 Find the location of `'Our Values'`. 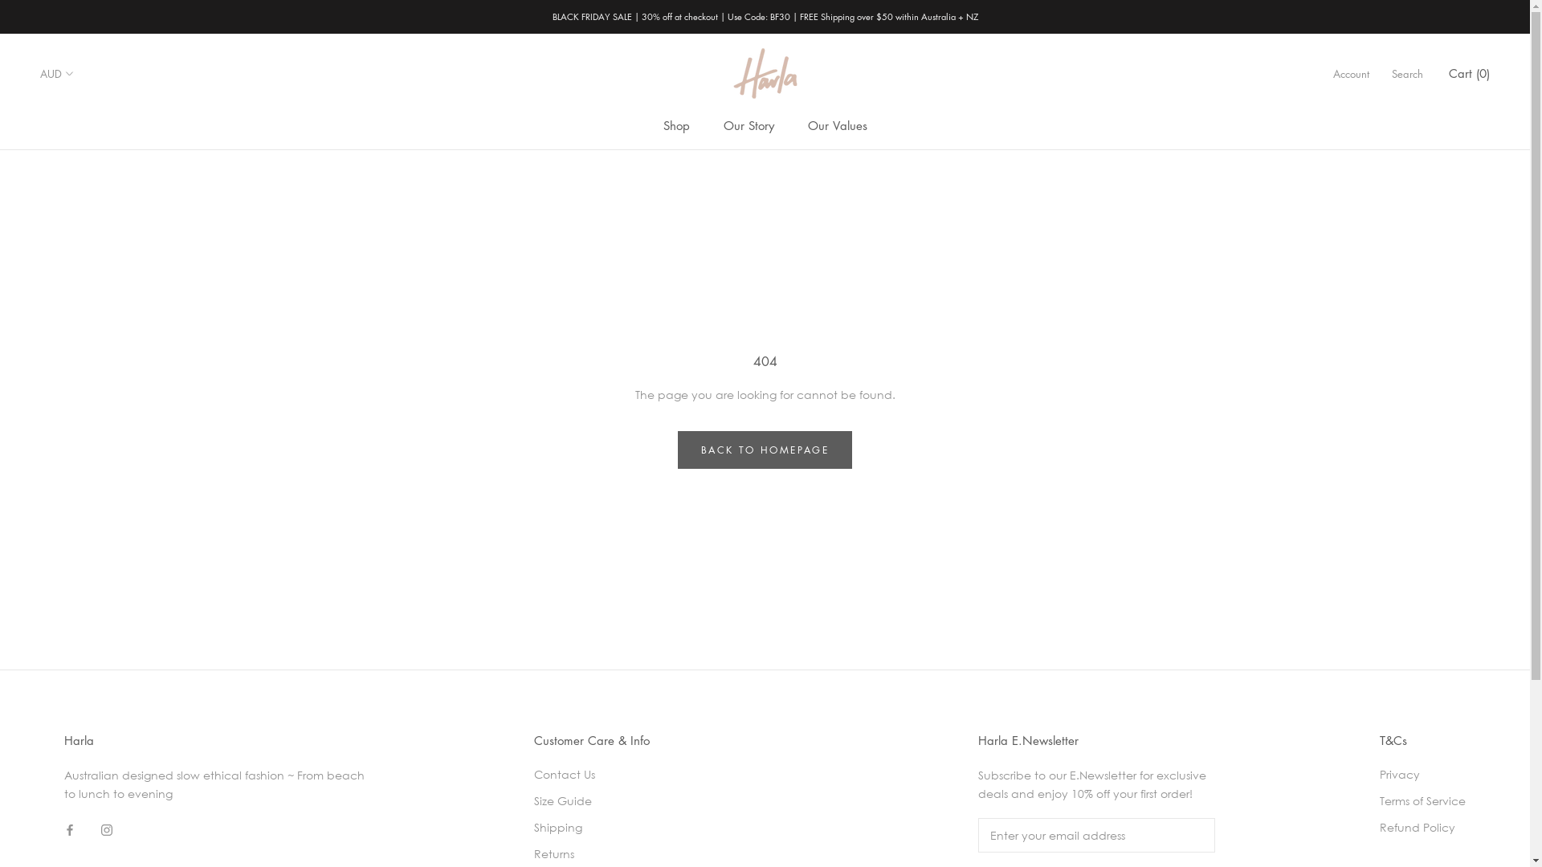

'Our Values' is located at coordinates (836, 124).